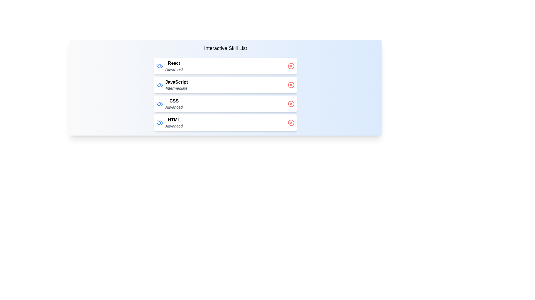 Image resolution: width=535 pixels, height=300 pixels. I want to click on the 'Interactive Skill List' heading to inspect its properties, so click(225, 48).